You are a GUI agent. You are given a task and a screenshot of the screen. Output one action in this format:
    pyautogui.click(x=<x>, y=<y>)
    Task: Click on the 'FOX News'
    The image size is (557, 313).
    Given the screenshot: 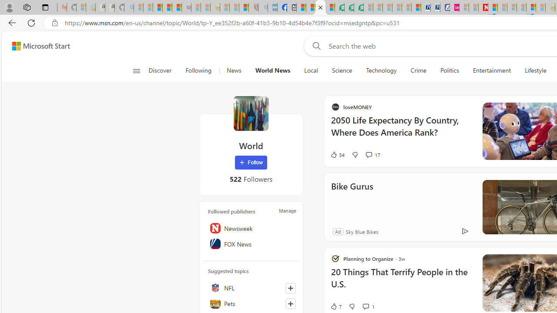 What is the action you would take?
    pyautogui.click(x=251, y=244)
    